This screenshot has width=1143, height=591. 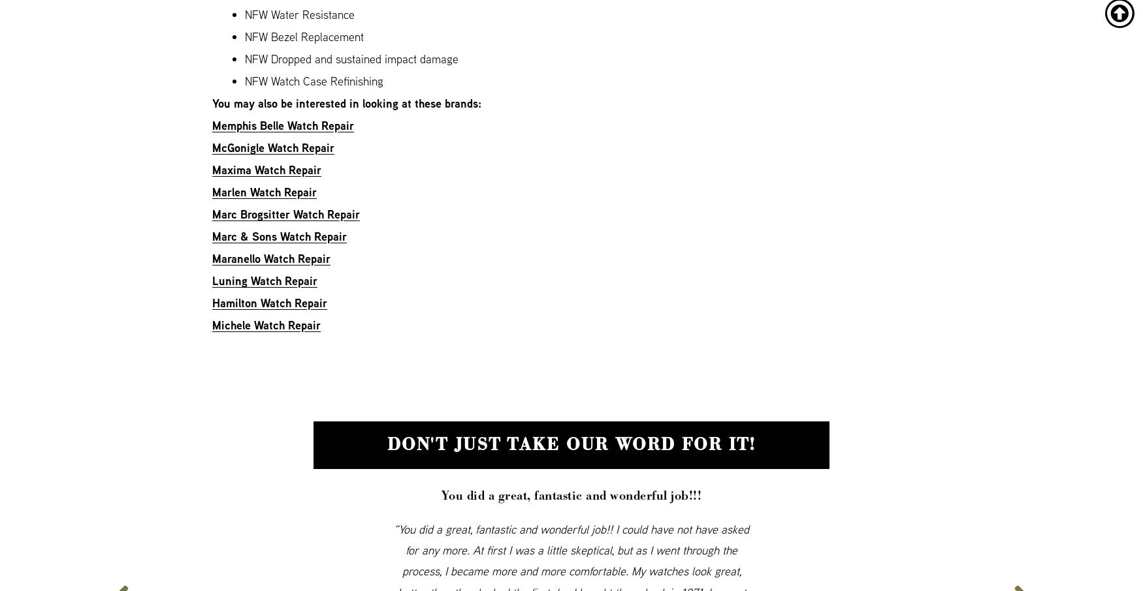 I want to click on 'Michele Watch Repair', so click(x=212, y=324).